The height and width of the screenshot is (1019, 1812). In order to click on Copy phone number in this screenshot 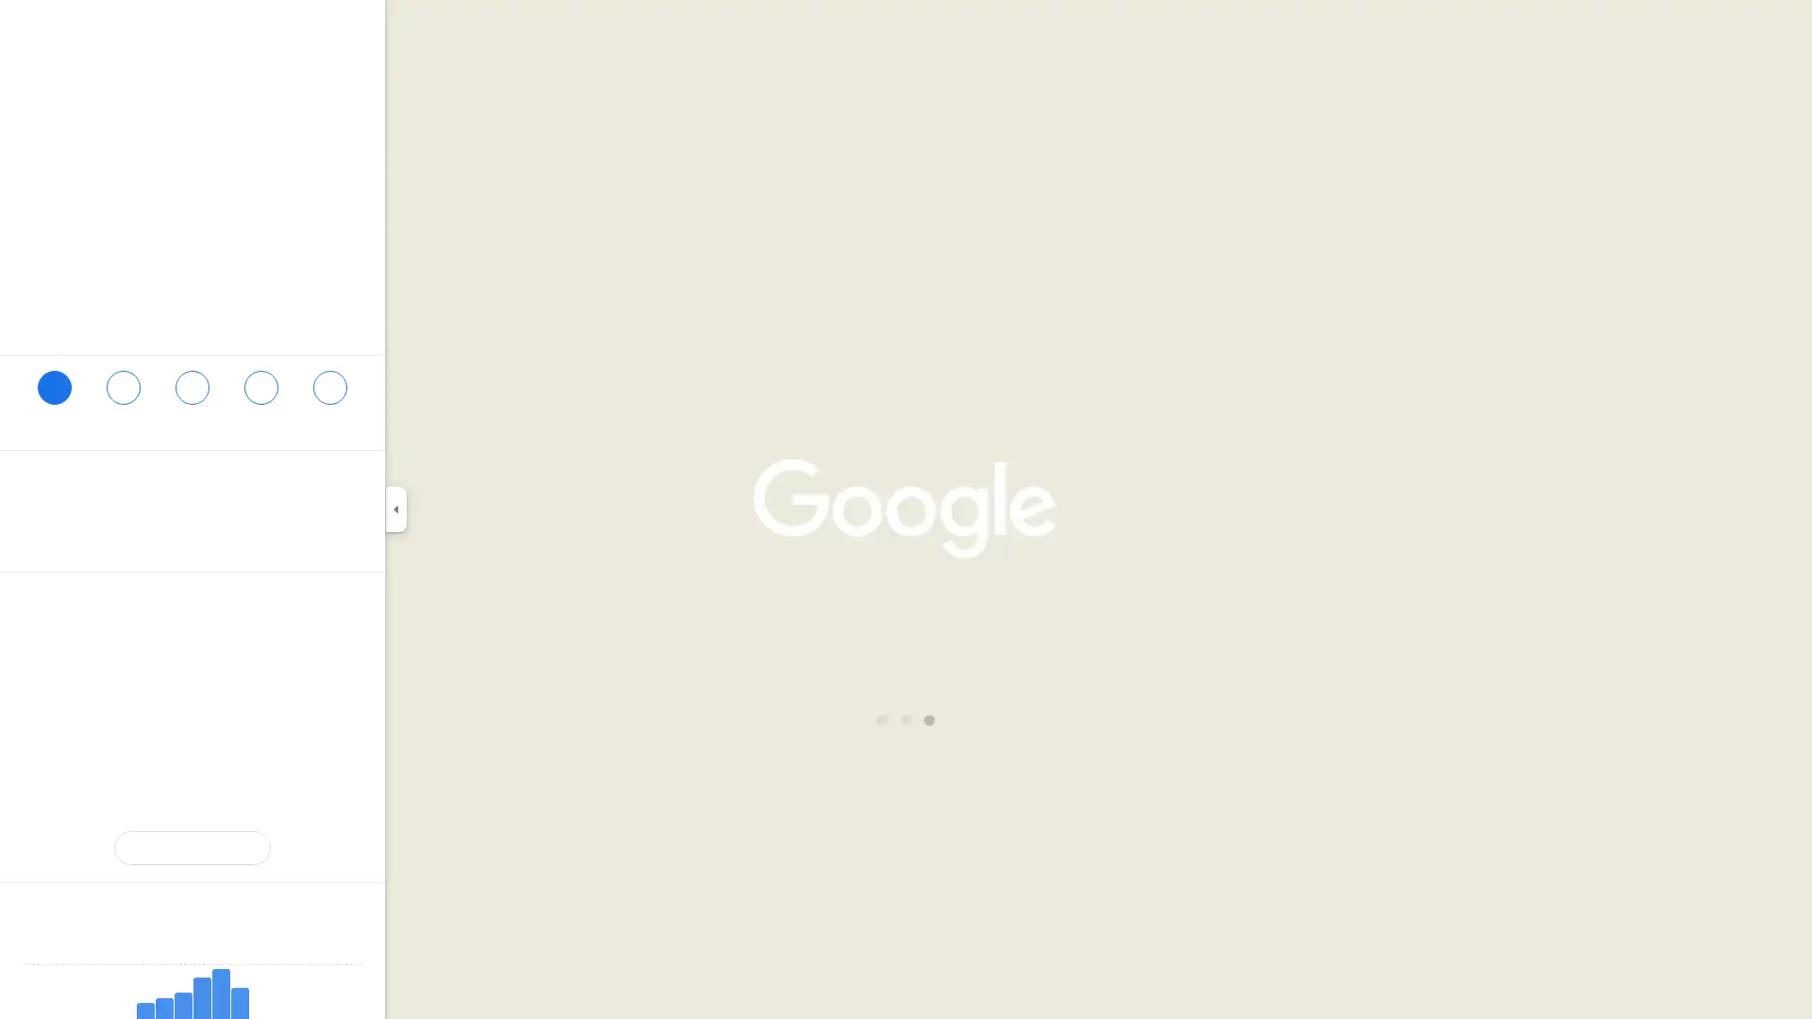, I will do `click(325, 701)`.